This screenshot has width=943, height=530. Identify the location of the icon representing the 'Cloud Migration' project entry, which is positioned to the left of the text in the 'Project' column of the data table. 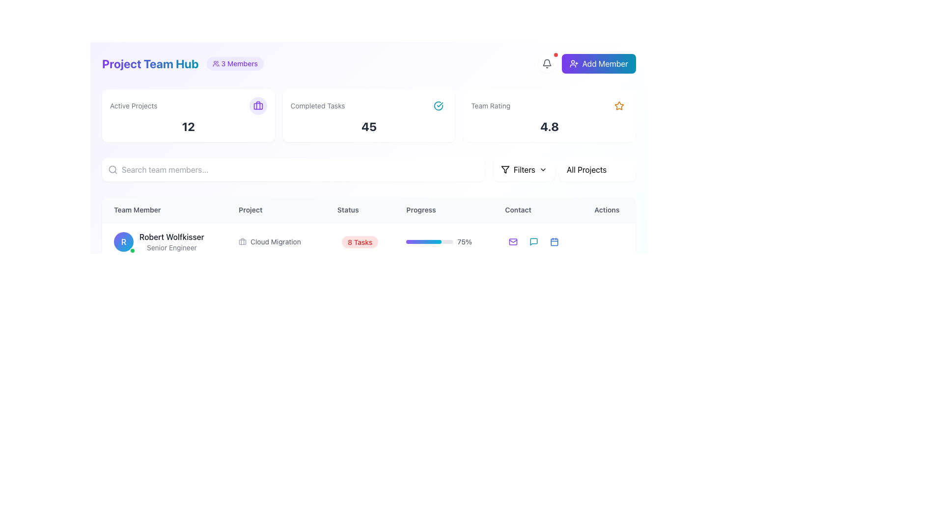
(243, 242).